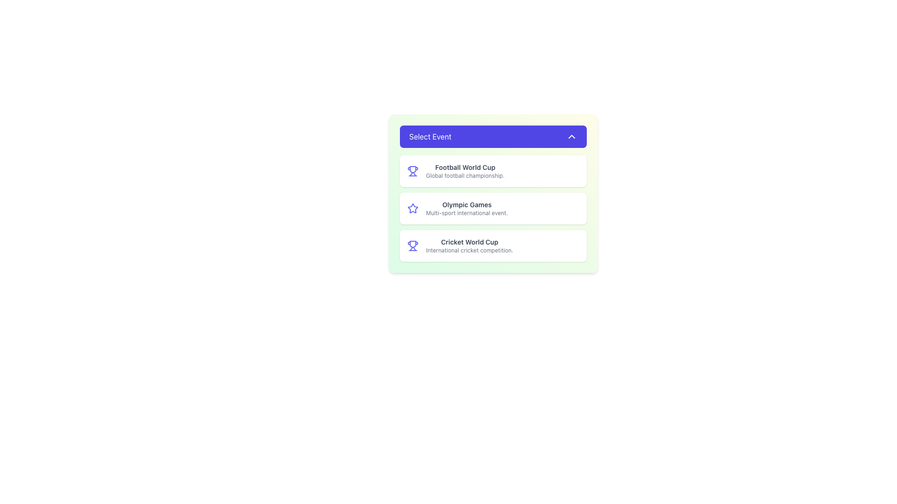  What do you see at coordinates (412, 169) in the screenshot?
I see `central upper portion of the trophy-shaped icon, which is the third icon in the vertical list within the dropdown menu, to see its SVG properties` at bounding box center [412, 169].